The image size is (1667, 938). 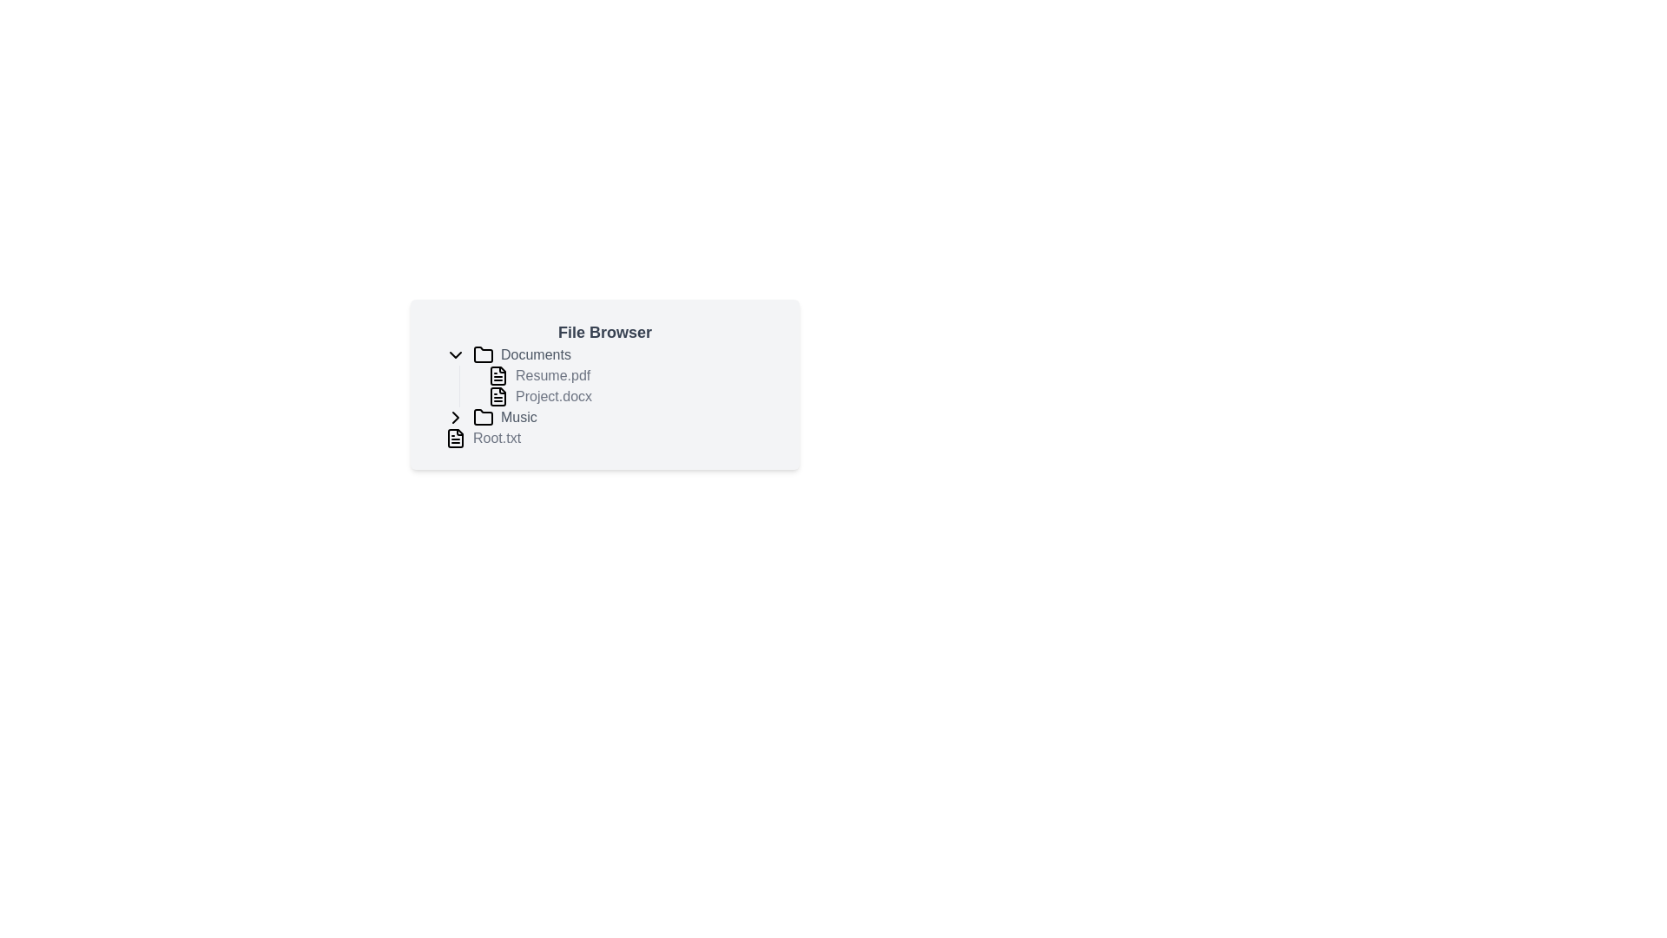 I want to click on the list item labeled 'Root.txt' that appears as the last item in the file browser structure, so click(x=483, y=438).